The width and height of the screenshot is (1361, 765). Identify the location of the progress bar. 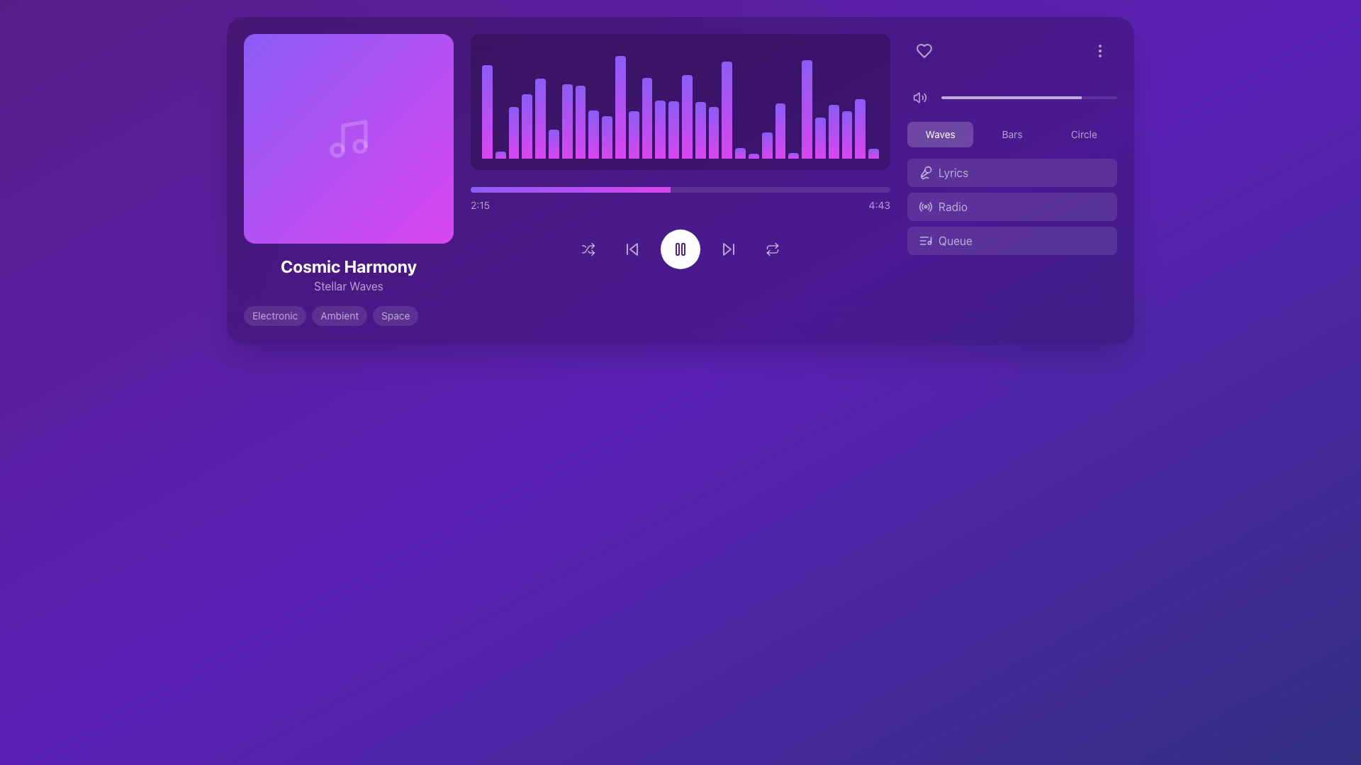
(860, 188).